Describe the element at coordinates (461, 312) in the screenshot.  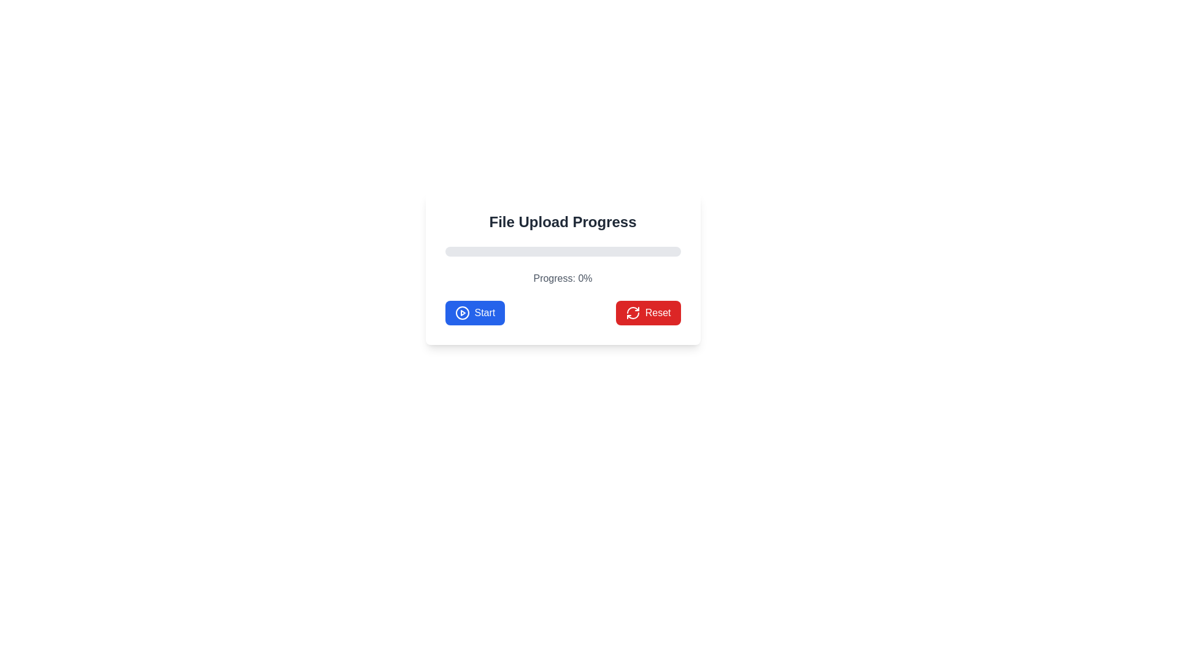
I see `the visual indicator icon inside the blue 'Start' button to initiate the 'start' action` at that location.